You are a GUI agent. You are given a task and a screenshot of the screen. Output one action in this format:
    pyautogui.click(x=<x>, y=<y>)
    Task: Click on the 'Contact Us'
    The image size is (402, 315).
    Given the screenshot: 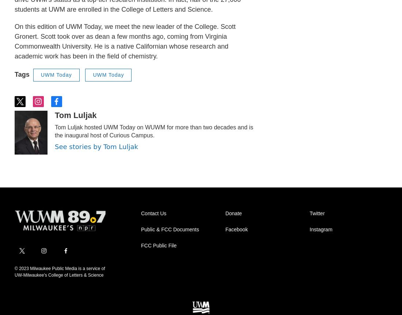 What is the action you would take?
    pyautogui.click(x=153, y=213)
    